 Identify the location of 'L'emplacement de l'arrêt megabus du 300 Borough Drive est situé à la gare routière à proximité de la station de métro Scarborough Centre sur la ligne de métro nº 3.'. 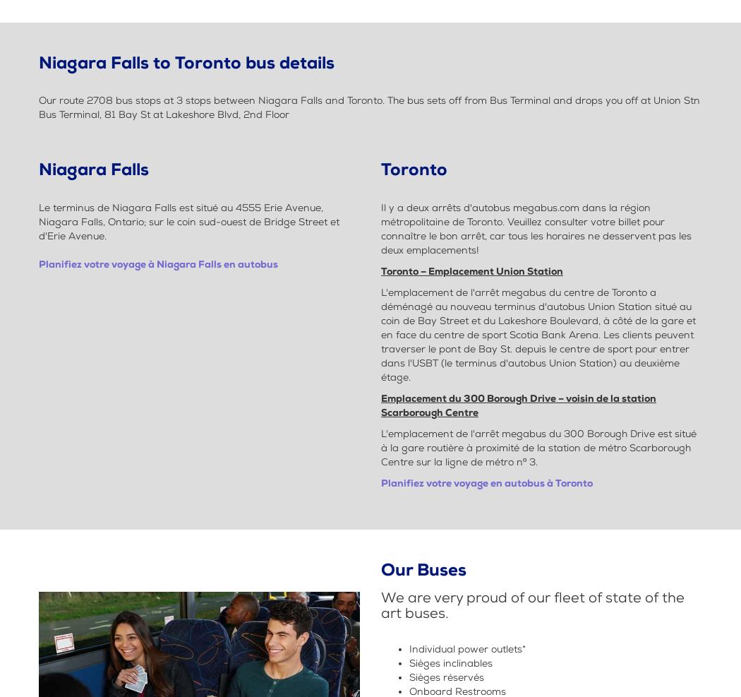
(381, 446).